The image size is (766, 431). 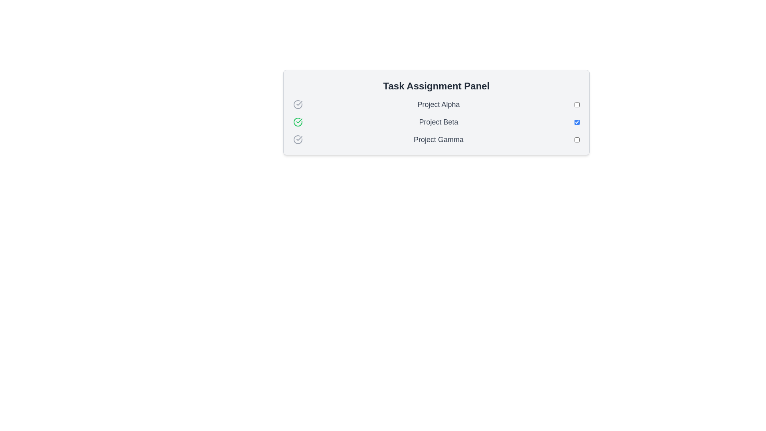 What do you see at coordinates (438, 139) in the screenshot?
I see `the text label 'Project Gamma' located in the 'Task Assignment Panel', positioned below 'Project Beta' and next to an unselected circular icon and a checkbox` at bounding box center [438, 139].